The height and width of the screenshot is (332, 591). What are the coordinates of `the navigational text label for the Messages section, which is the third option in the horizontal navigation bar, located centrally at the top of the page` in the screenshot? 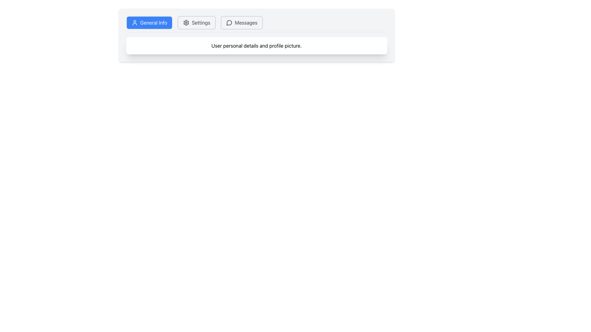 It's located at (246, 22).